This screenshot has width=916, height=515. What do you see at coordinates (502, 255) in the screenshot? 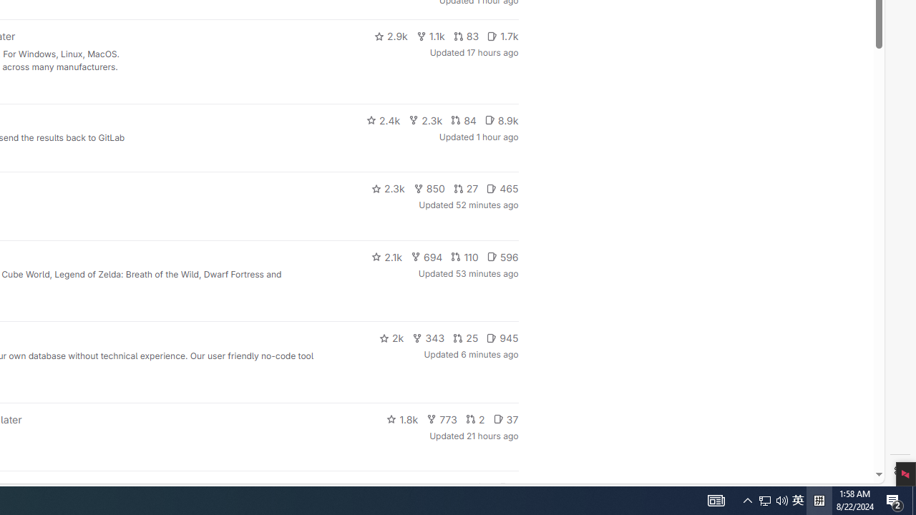
I see `'596'` at bounding box center [502, 255].